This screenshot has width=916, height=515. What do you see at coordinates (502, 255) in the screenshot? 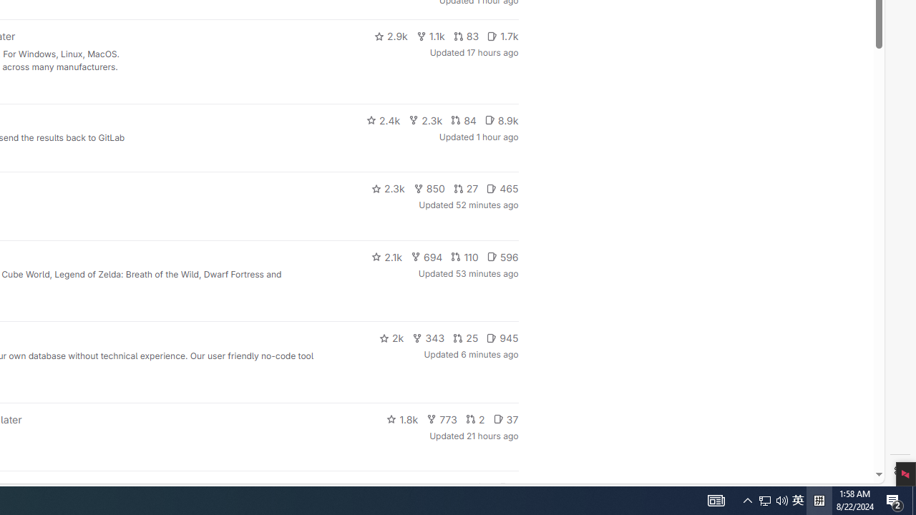
I see `'596'` at bounding box center [502, 255].